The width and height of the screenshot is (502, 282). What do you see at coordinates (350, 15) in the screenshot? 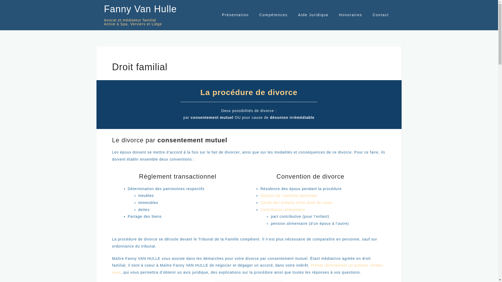
I see `'Honoraires'` at bounding box center [350, 15].